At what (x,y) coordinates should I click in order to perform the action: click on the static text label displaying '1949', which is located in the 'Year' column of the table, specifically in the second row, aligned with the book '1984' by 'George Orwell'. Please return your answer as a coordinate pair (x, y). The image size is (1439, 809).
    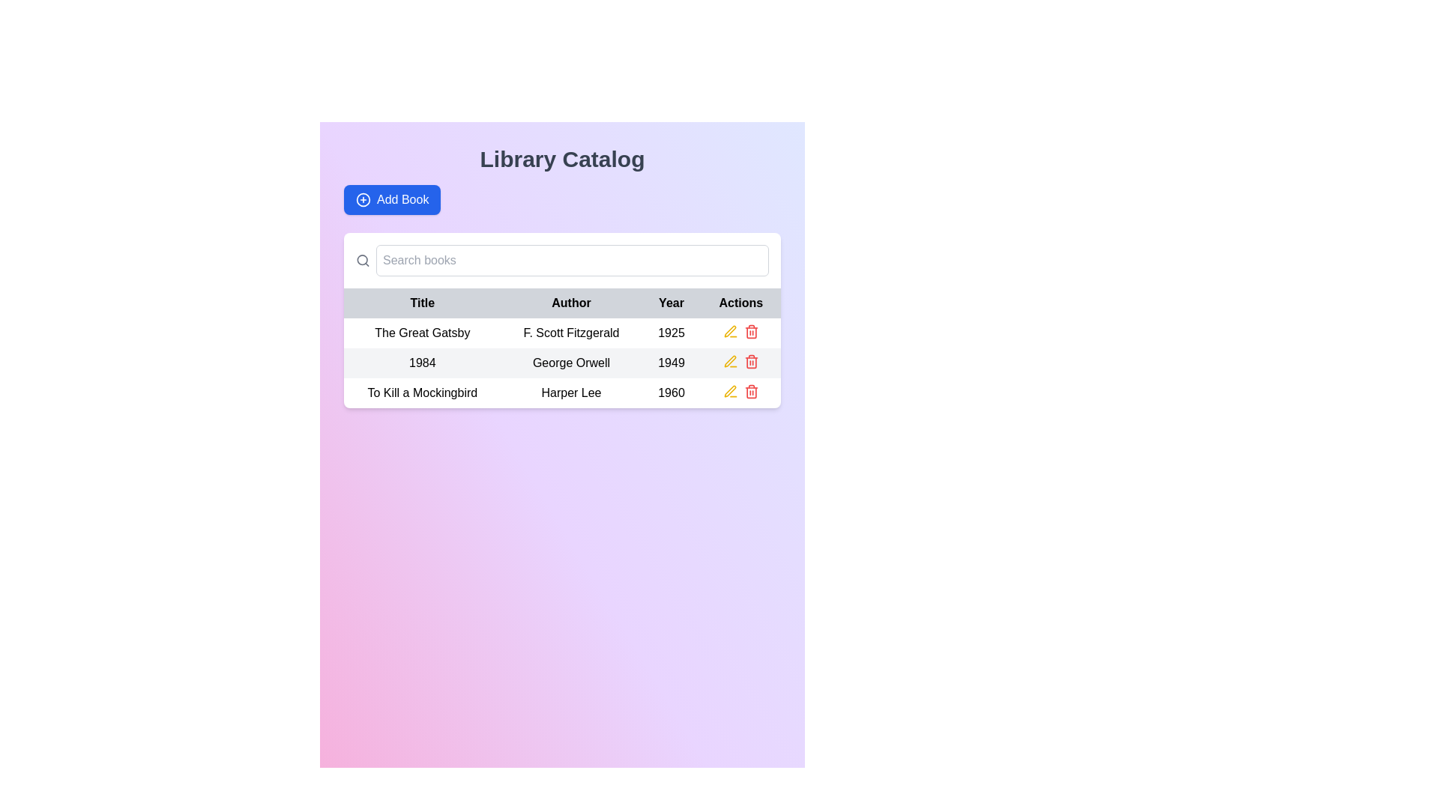
    Looking at the image, I should click on (671, 363).